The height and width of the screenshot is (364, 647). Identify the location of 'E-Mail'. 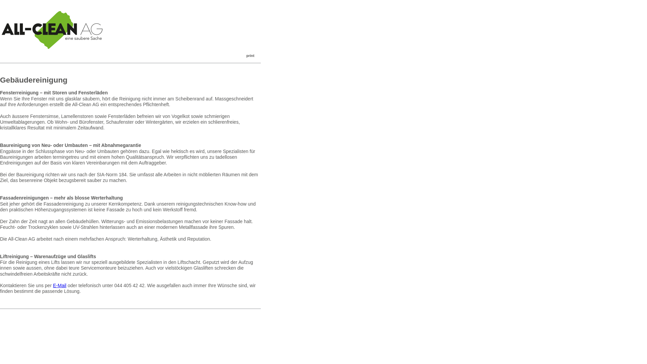
(60, 285).